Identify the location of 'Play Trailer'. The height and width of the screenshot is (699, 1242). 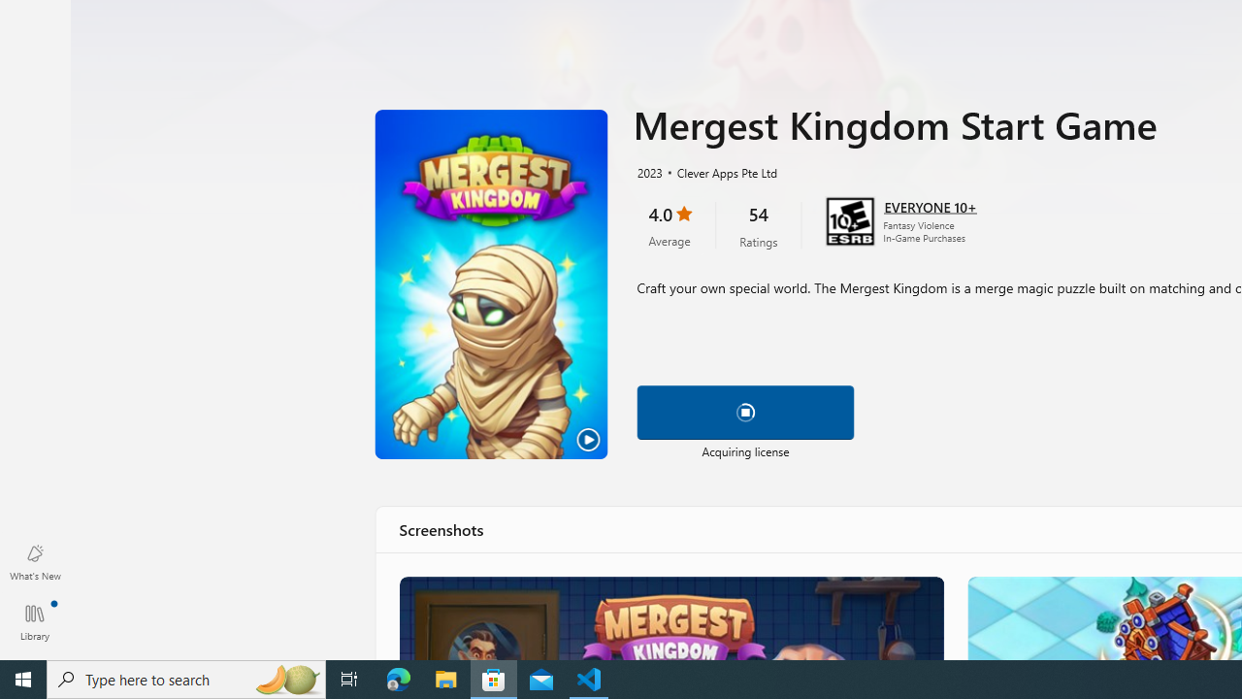
(491, 284).